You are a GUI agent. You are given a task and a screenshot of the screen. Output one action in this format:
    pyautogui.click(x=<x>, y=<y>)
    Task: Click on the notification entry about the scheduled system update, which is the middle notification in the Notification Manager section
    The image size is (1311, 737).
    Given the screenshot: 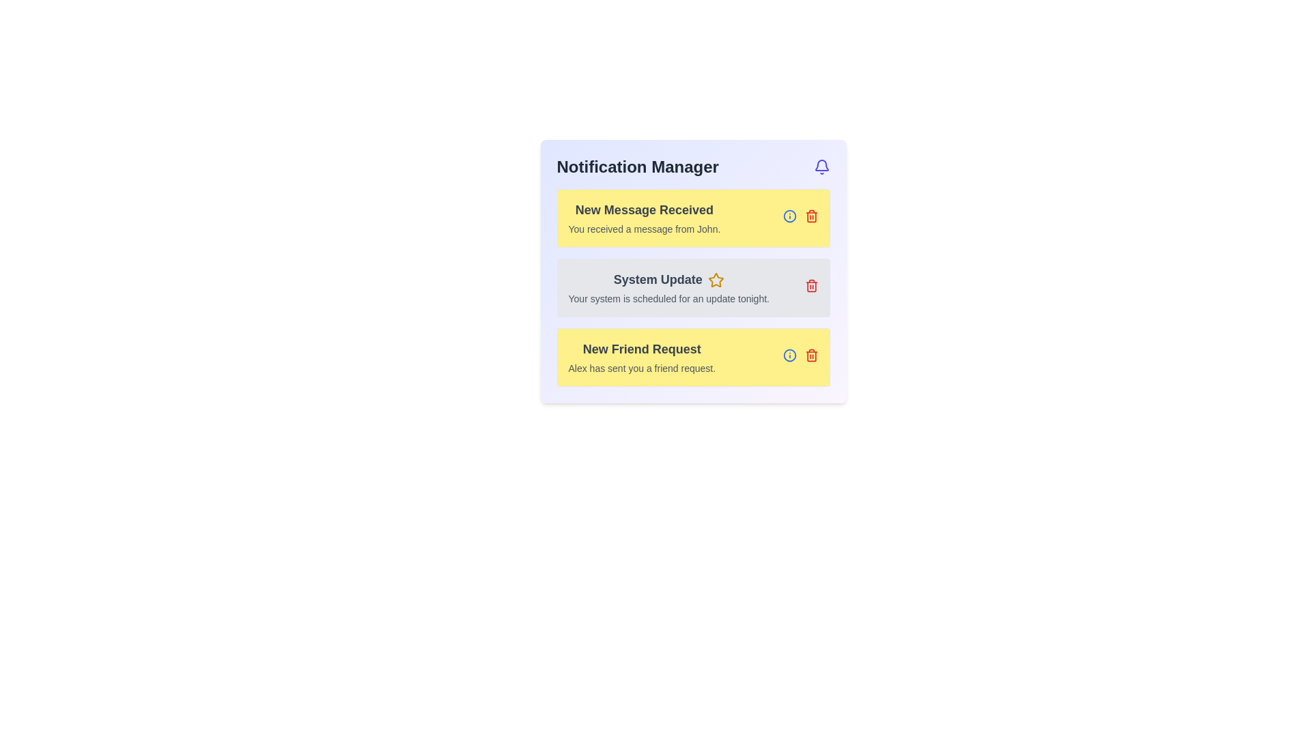 What is the action you would take?
    pyautogui.click(x=693, y=287)
    